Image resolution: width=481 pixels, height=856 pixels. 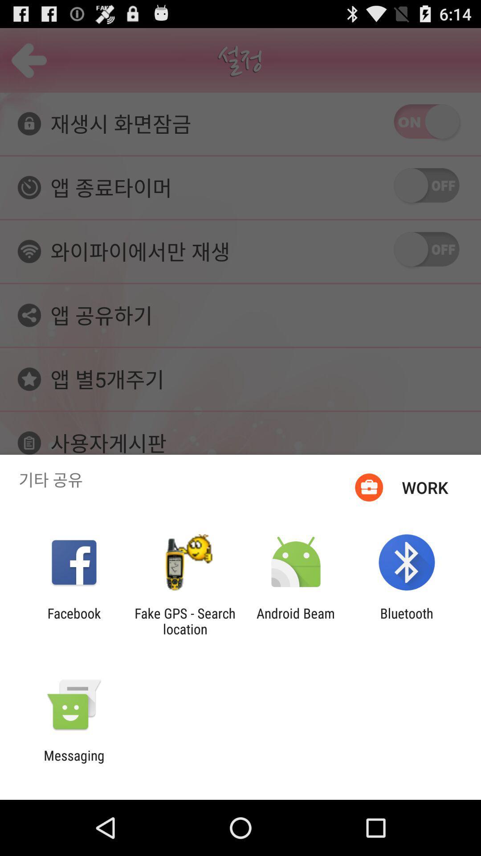 I want to click on the facebook item, so click(x=73, y=621).